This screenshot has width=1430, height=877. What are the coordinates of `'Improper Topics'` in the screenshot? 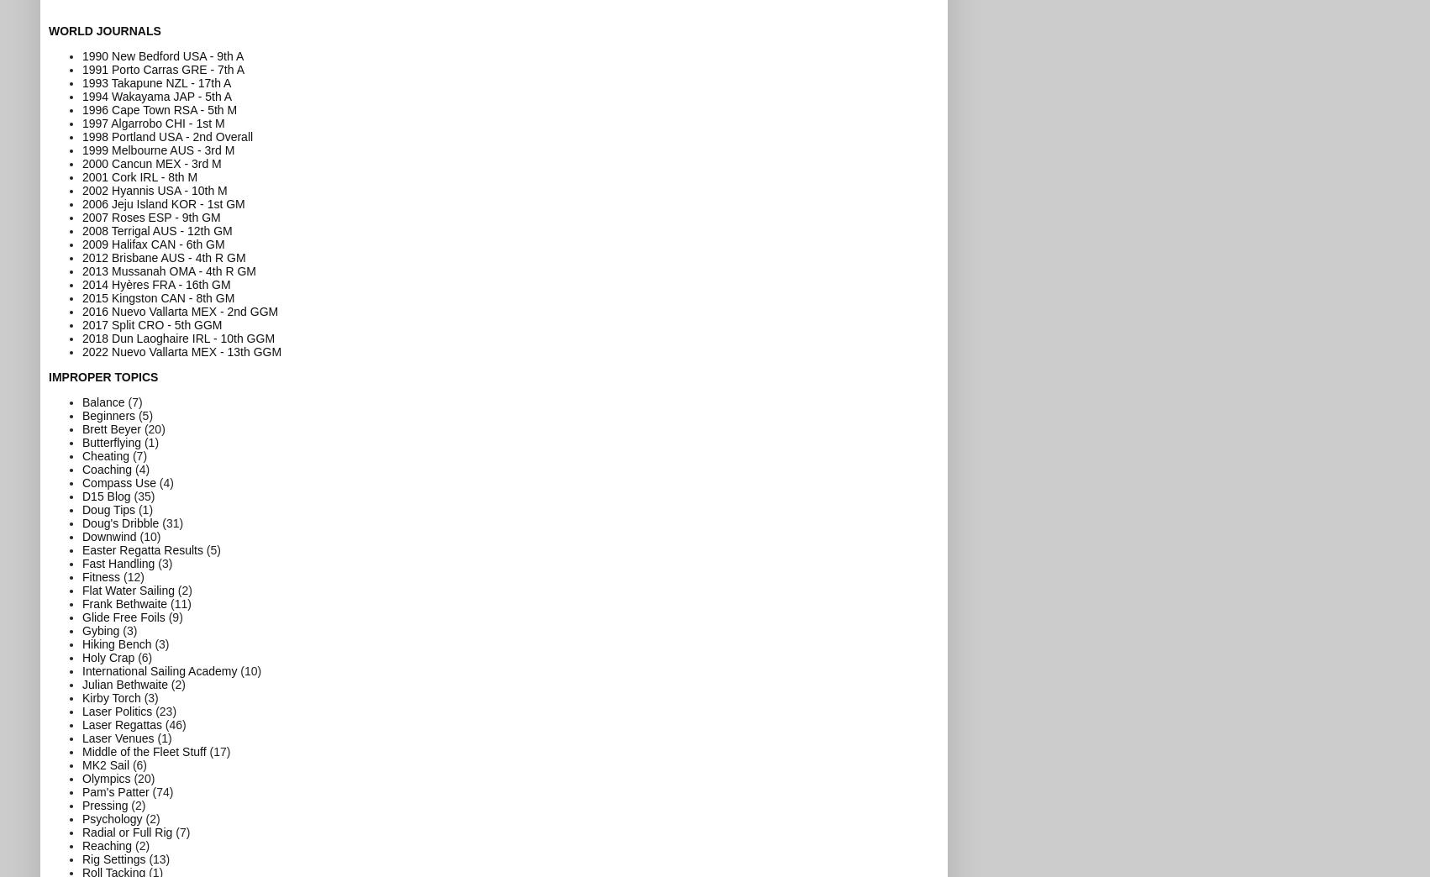 It's located at (49, 375).